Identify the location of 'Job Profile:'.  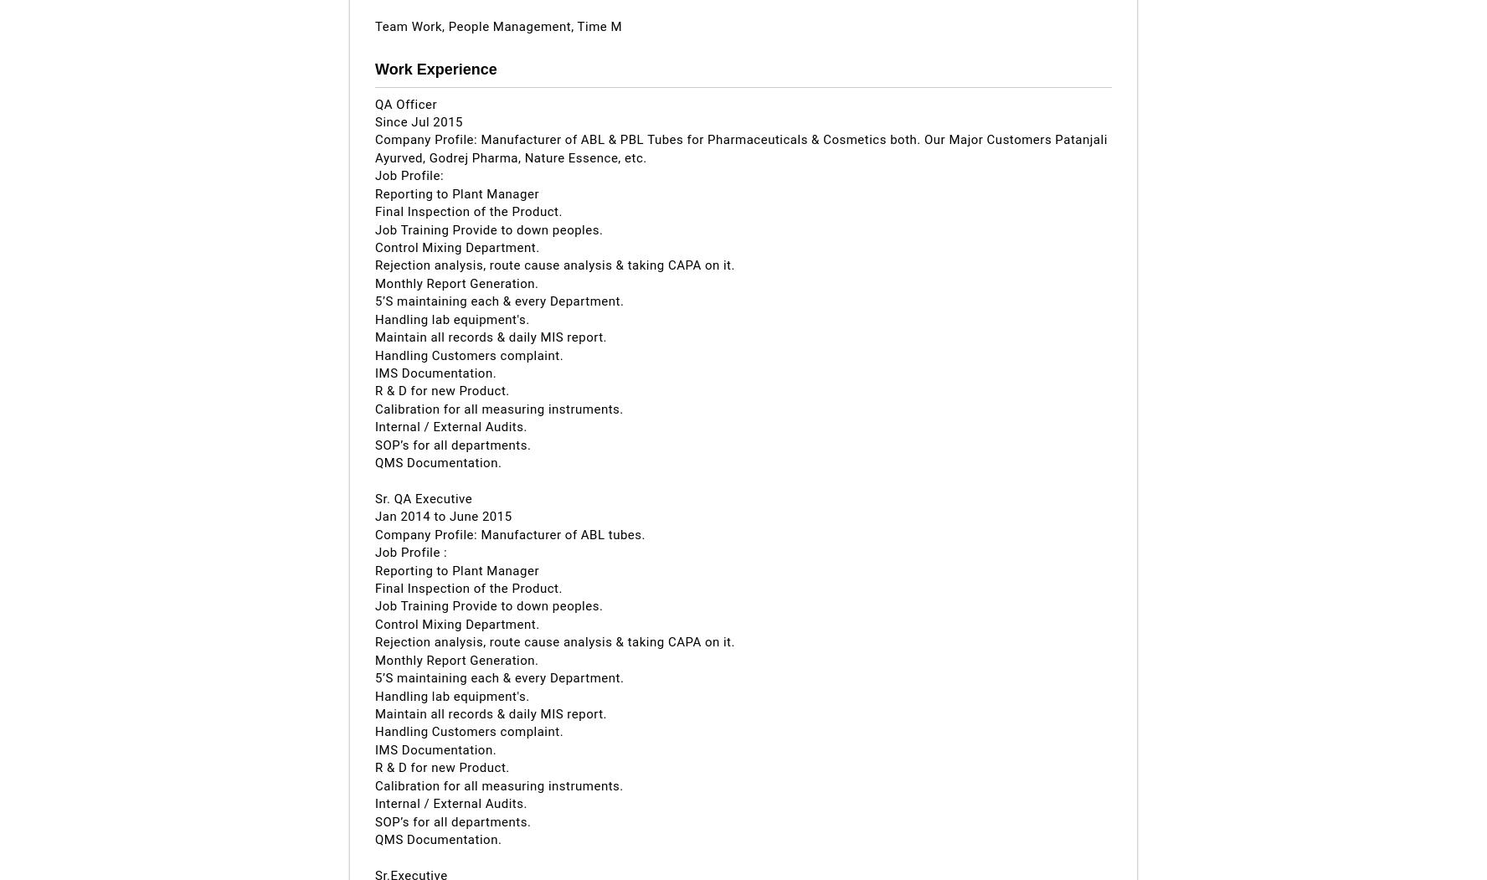
(374, 174).